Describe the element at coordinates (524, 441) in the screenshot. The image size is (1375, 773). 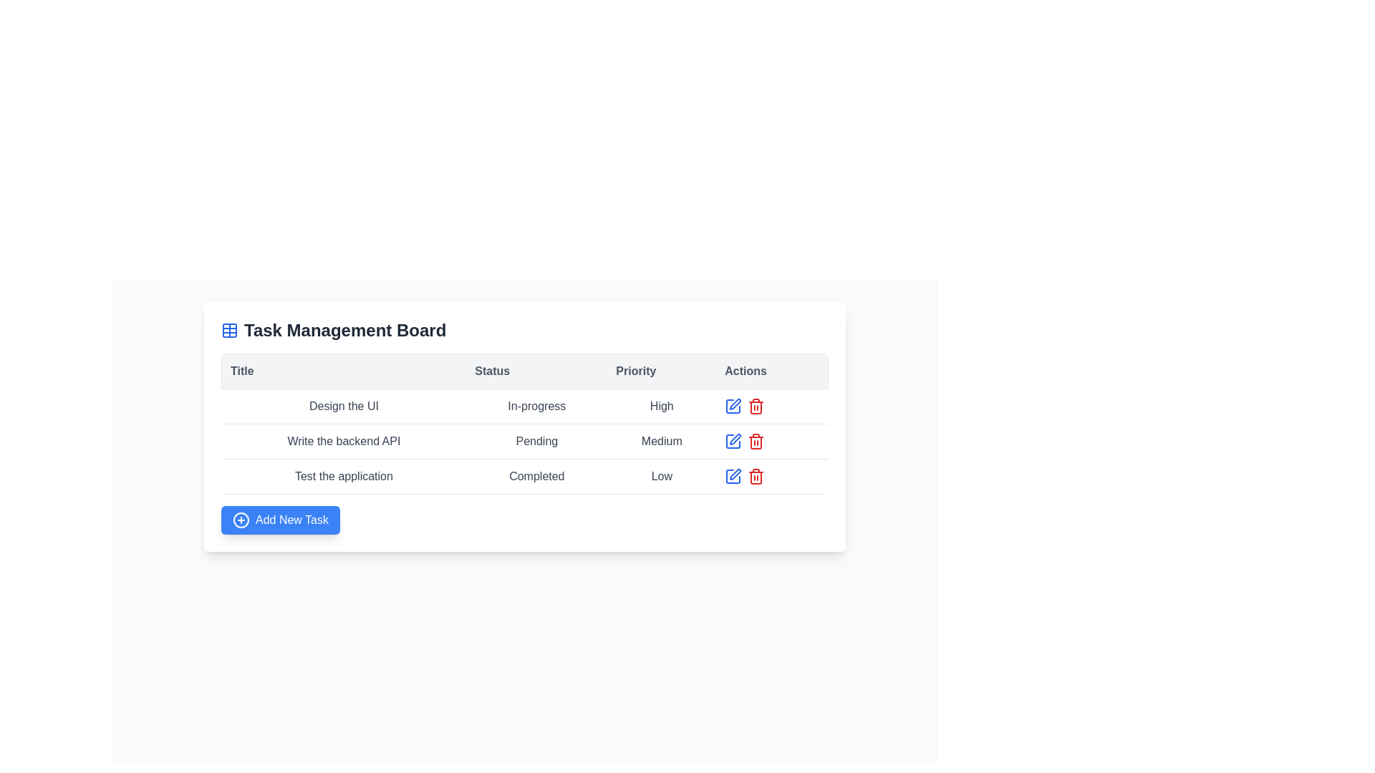
I see `the 'Pending' text label in bold black located in the 'Status' column of the second row of the table for the task 'Write the backend API'` at that location.